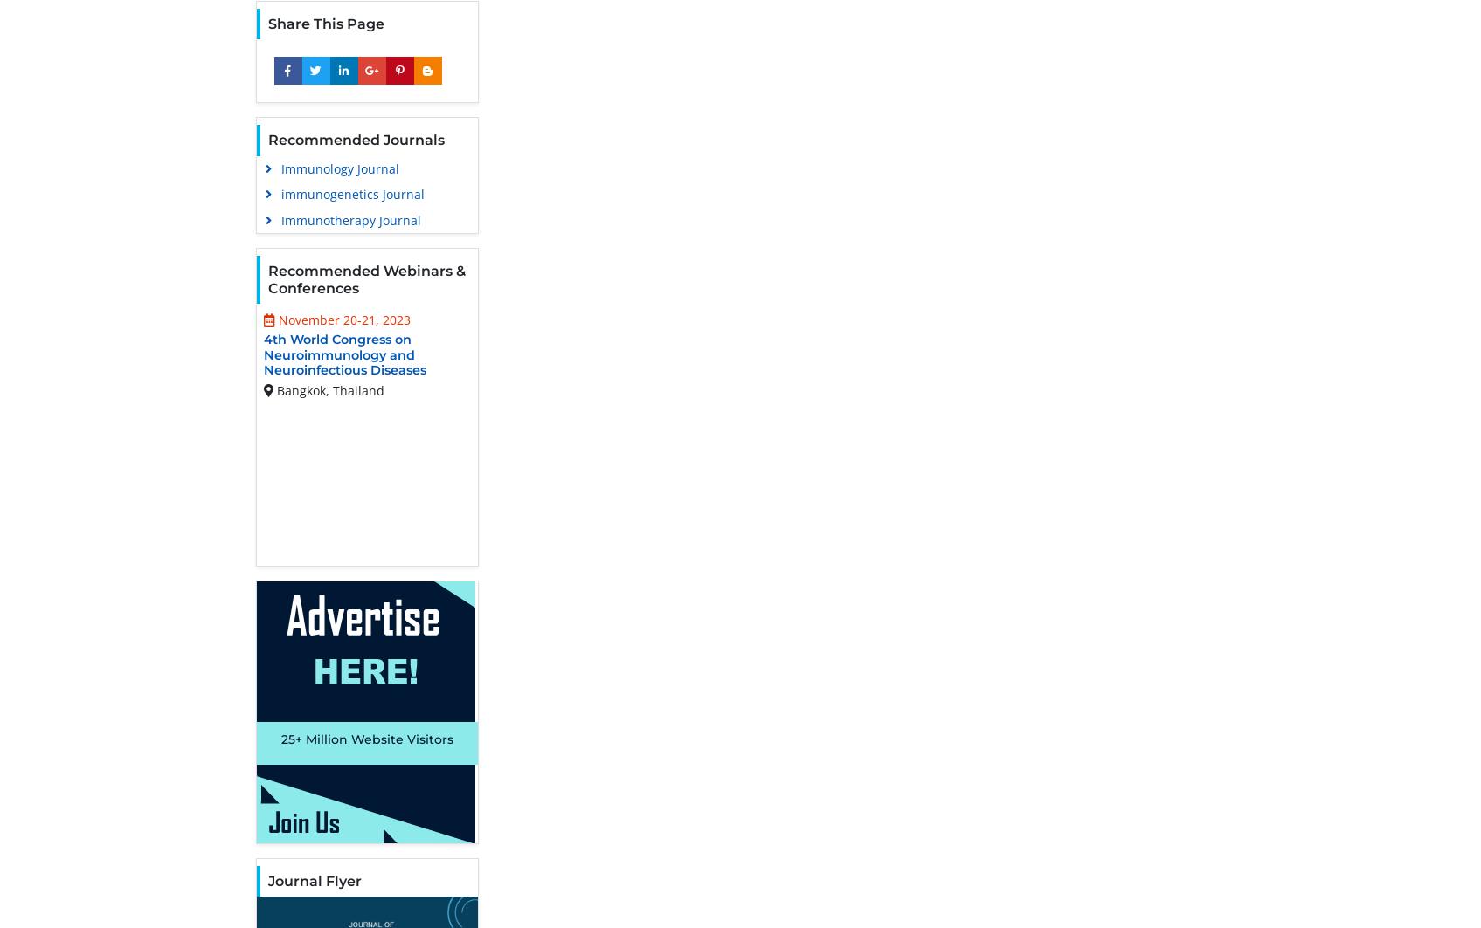 This screenshot has width=1481, height=928. I want to click on 'immunogenetics Journal', so click(352, 194).